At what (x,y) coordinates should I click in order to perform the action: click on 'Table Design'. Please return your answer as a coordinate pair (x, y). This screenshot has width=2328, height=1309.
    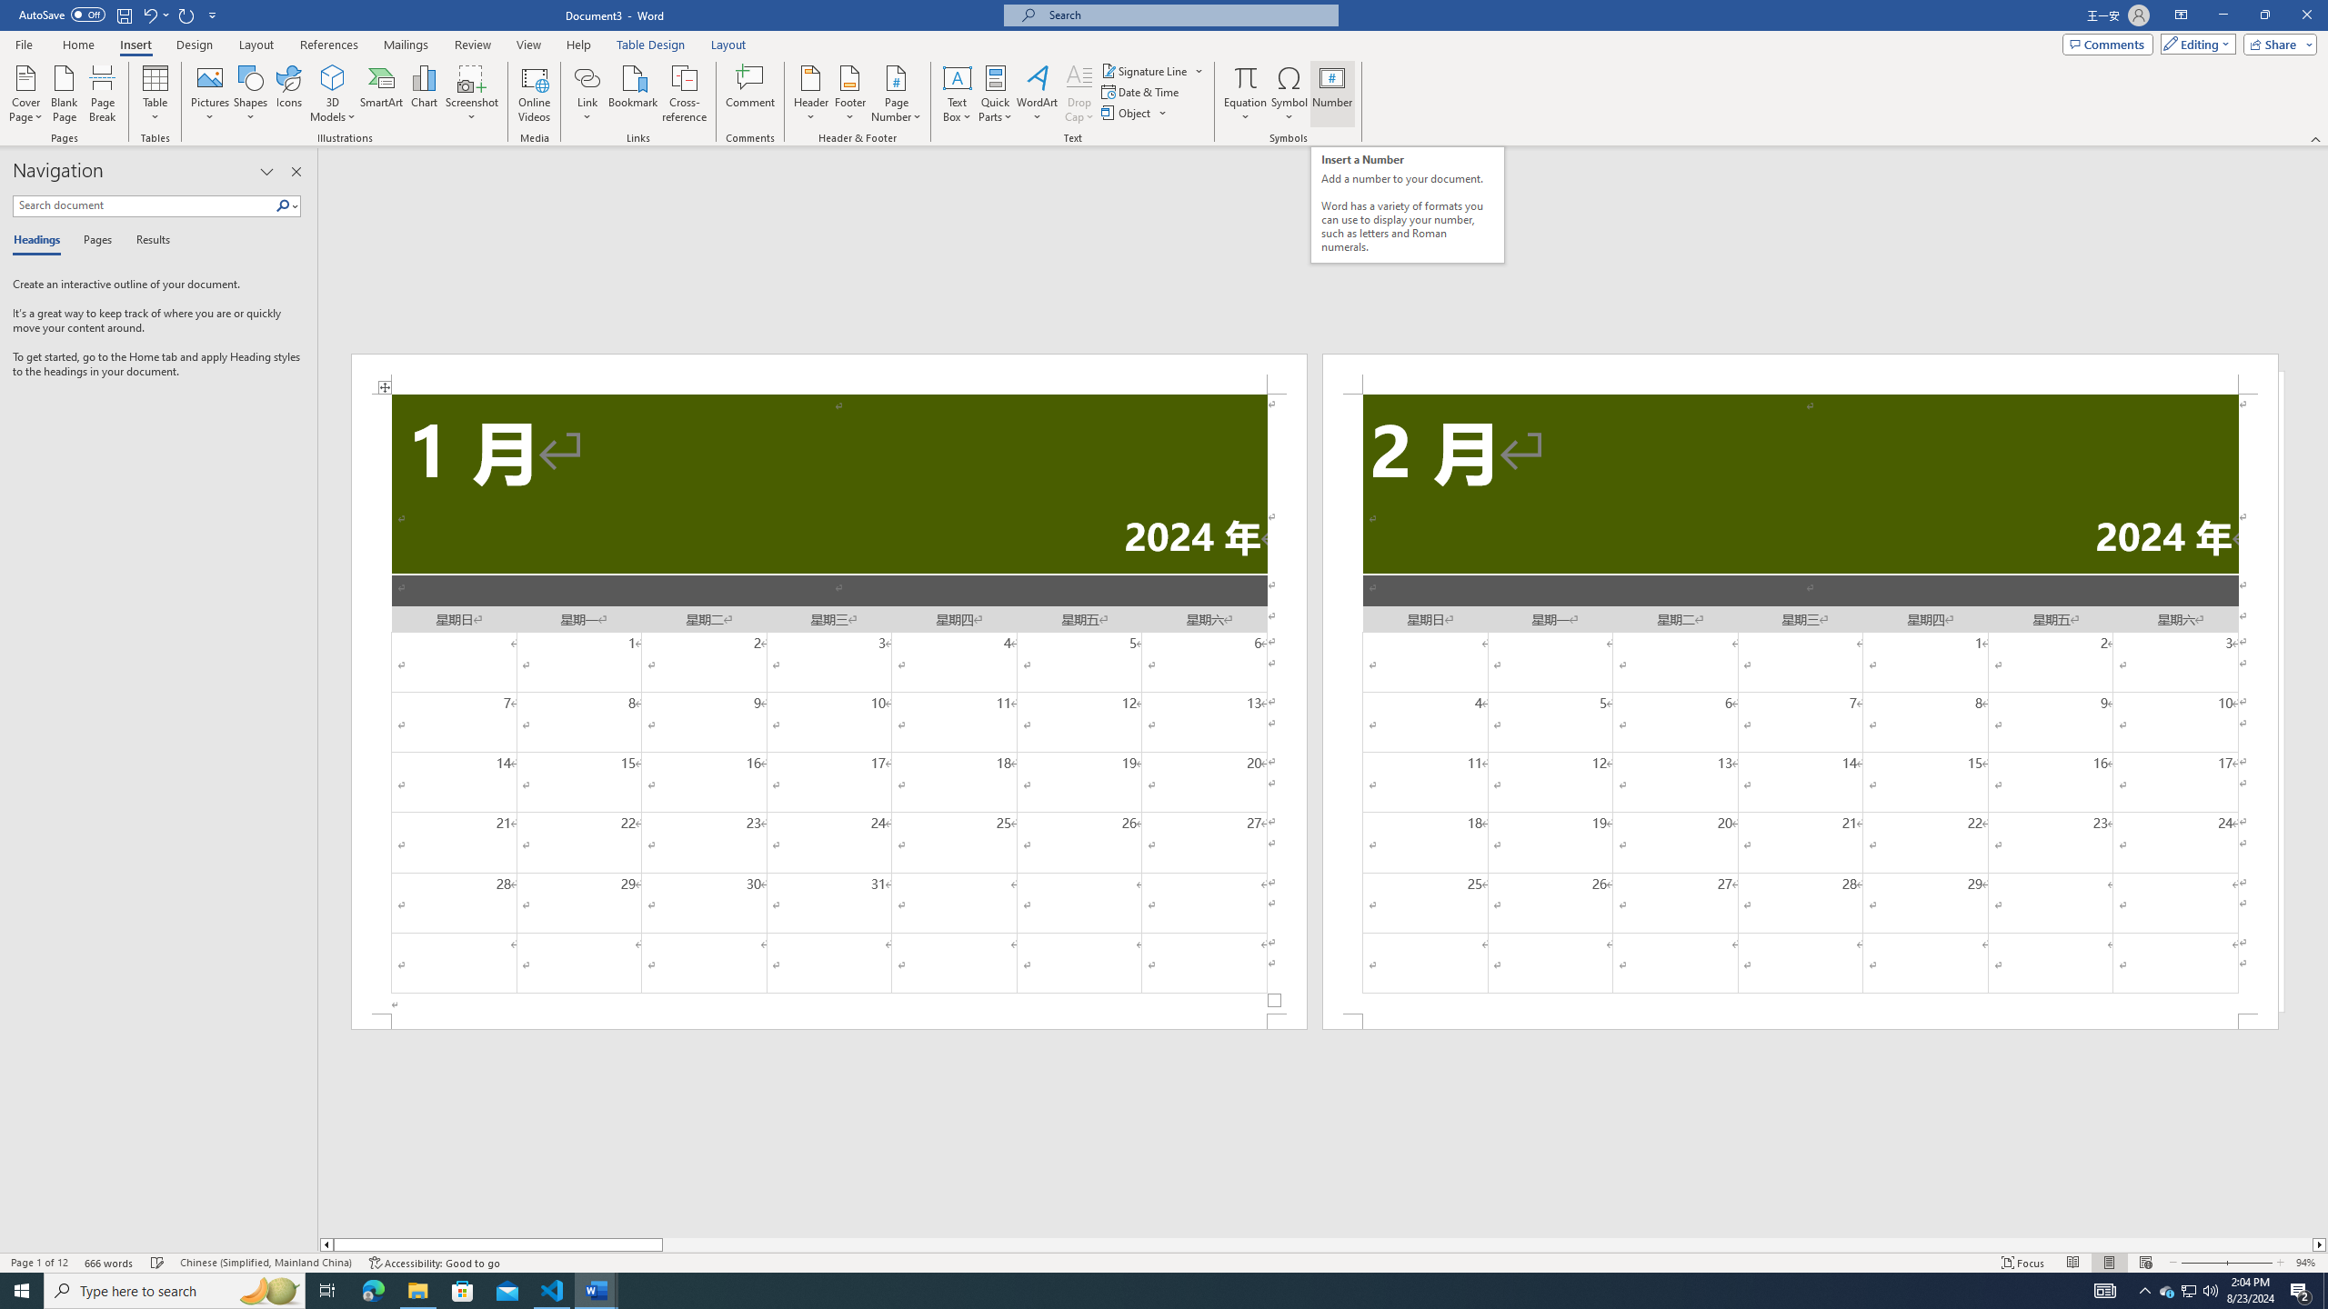
    Looking at the image, I should click on (651, 45).